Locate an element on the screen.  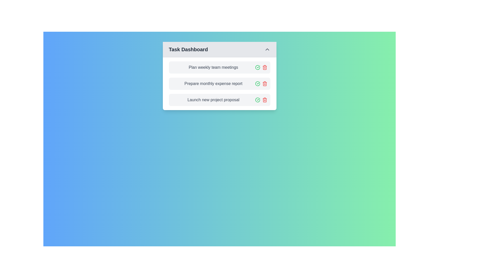
the second segment of the red trash icon, which is used for deleting or removing the associated task, located in the third action row of the task list to the right of the text 'Launch new project proposal' is located at coordinates (264, 100).